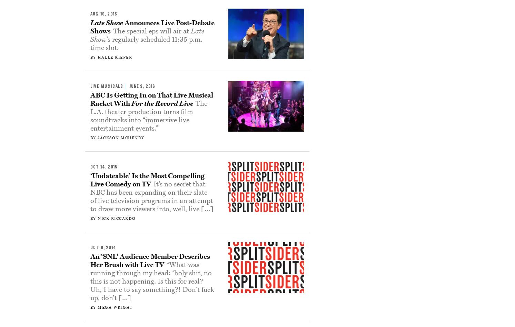  What do you see at coordinates (103, 166) in the screenshot?
I see `'Oct. 14, 2015'` at bounding box center [103, 166].